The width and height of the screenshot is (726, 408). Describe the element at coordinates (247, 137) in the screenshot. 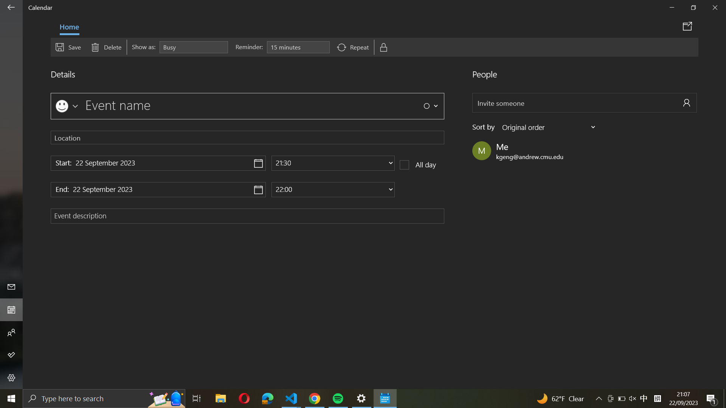

I see `Specify "Pittsburgh" as the location` at that location.